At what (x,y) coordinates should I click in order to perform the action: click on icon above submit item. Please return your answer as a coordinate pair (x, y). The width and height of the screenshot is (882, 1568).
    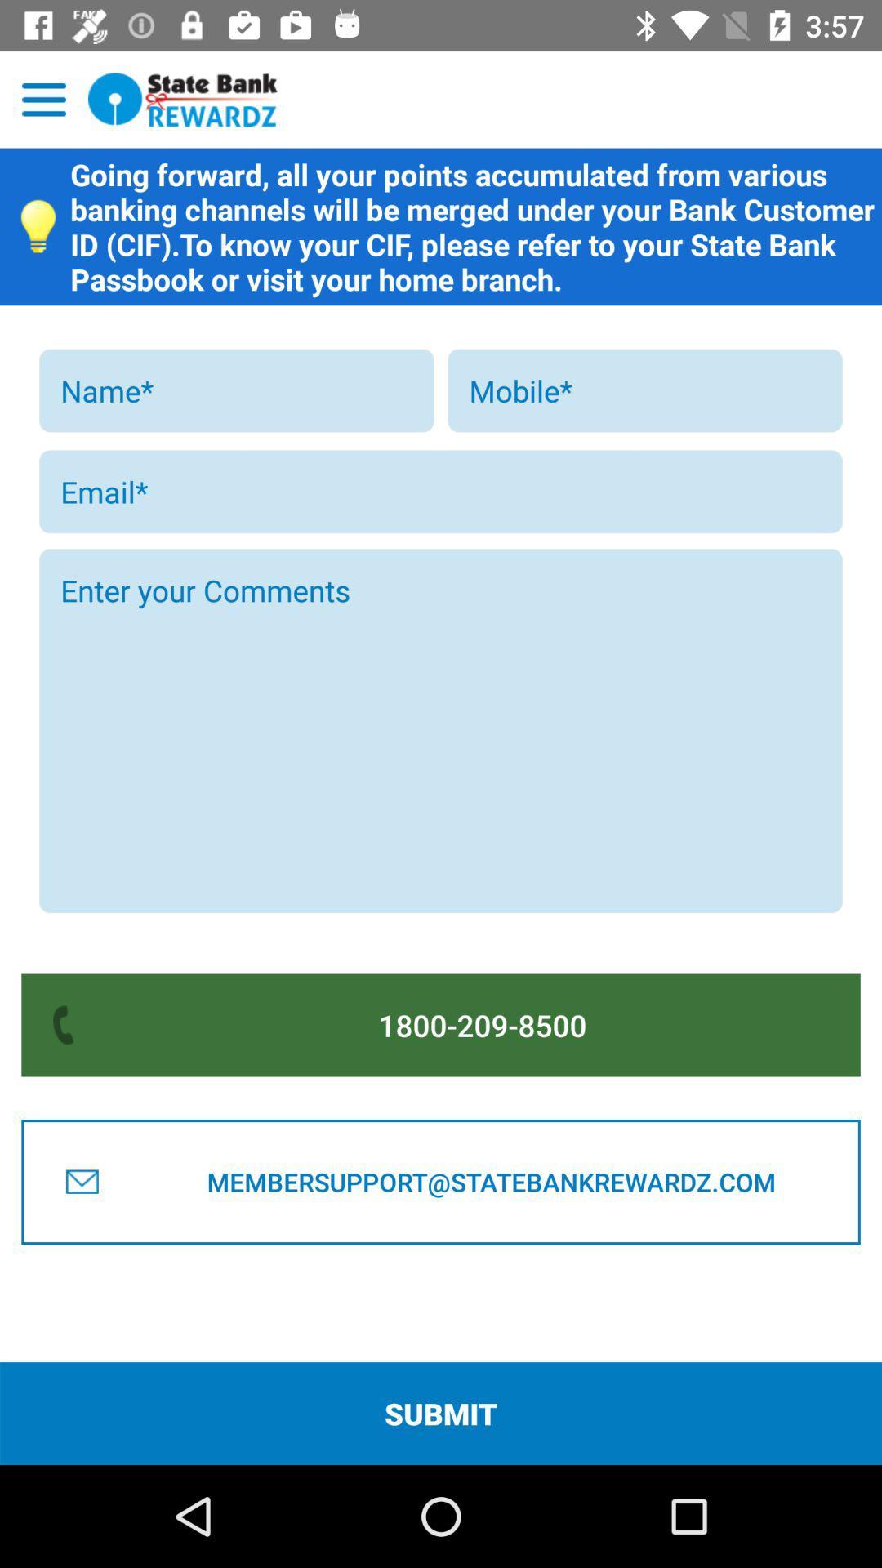
    Looking at the image, I should click on (490, 1182).